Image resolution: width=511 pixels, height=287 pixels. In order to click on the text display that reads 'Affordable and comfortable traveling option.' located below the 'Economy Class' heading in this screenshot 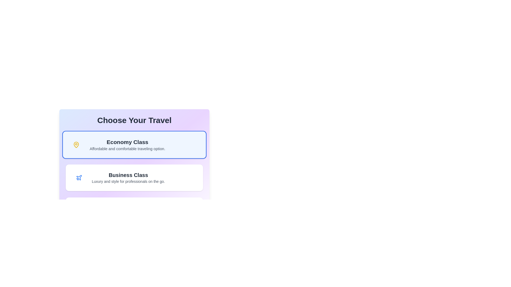, I will do `click(127, 149)`.